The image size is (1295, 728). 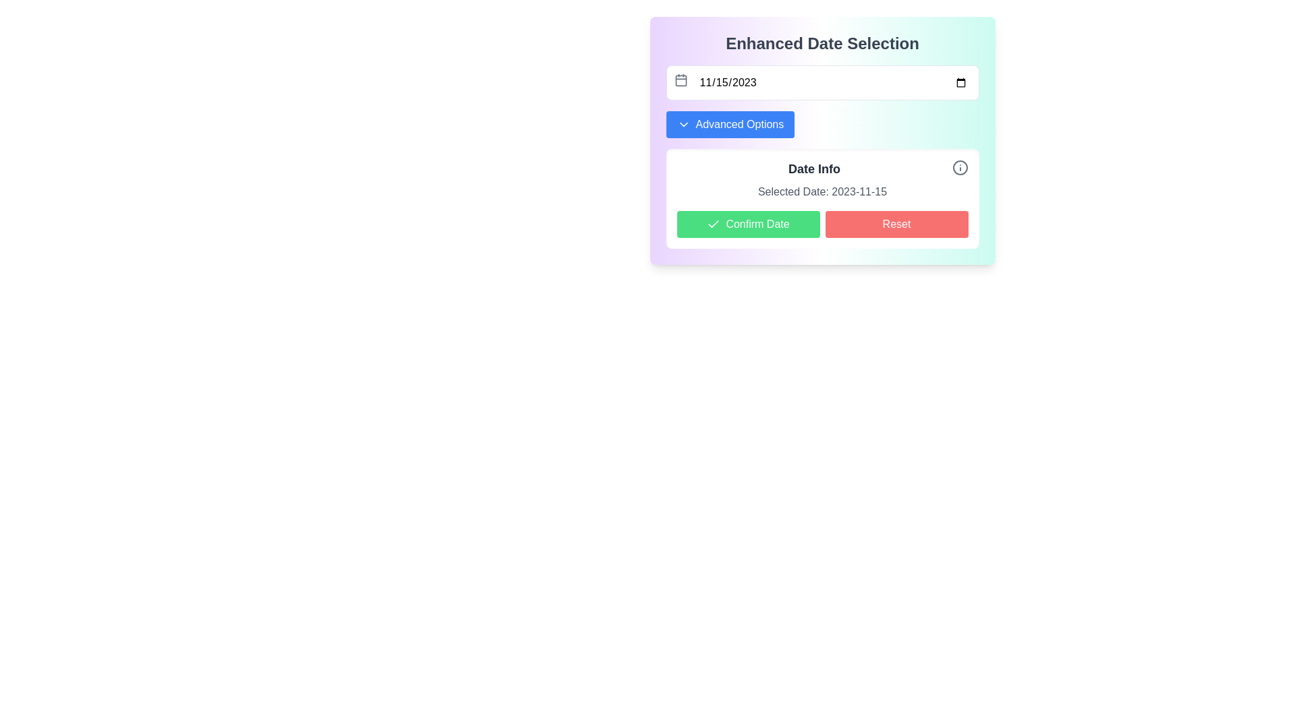 What do you see at coordinates (681, 80) in the screenshot?
I see `the calendar icon located to the left of the date input field` at bounding box center [681, 80].